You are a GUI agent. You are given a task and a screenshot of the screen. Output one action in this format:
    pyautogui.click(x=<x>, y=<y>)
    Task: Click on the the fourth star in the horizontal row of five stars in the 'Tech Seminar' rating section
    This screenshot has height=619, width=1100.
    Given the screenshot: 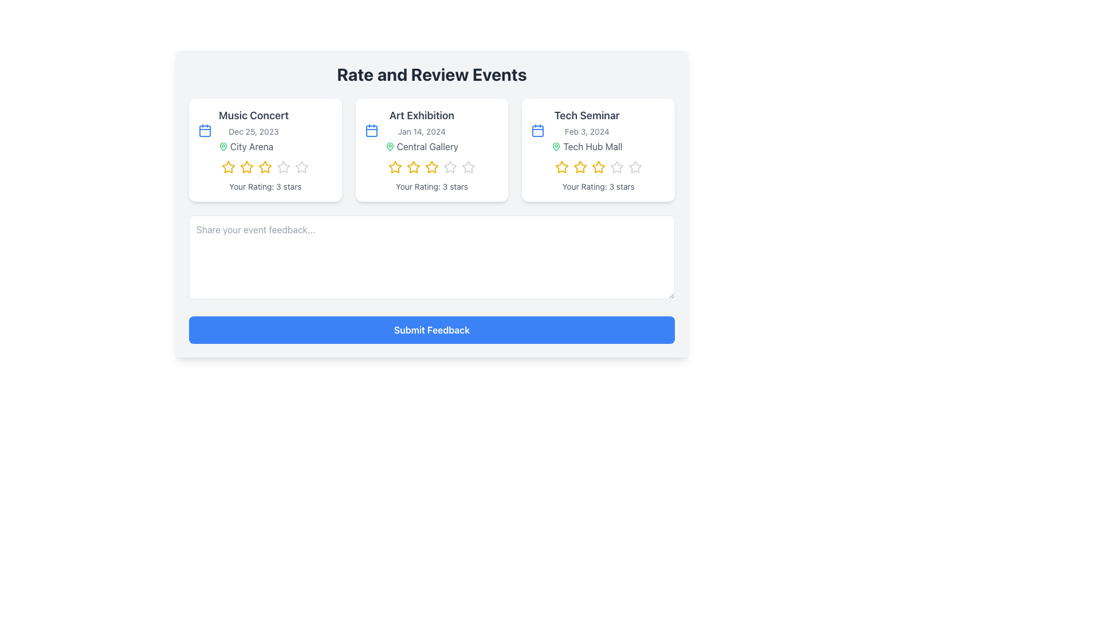 What is the action you would take?
    pyautogui.click(x=616, y=167)
    